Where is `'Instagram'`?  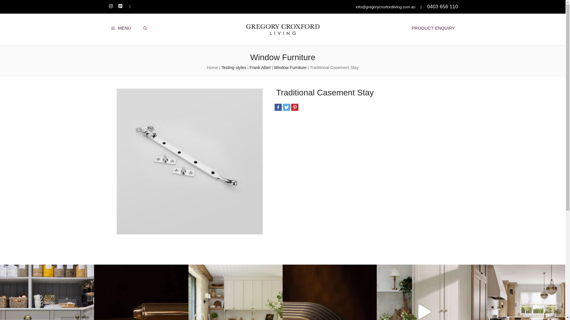 'Instagram' is located at coordinates (111, 6).